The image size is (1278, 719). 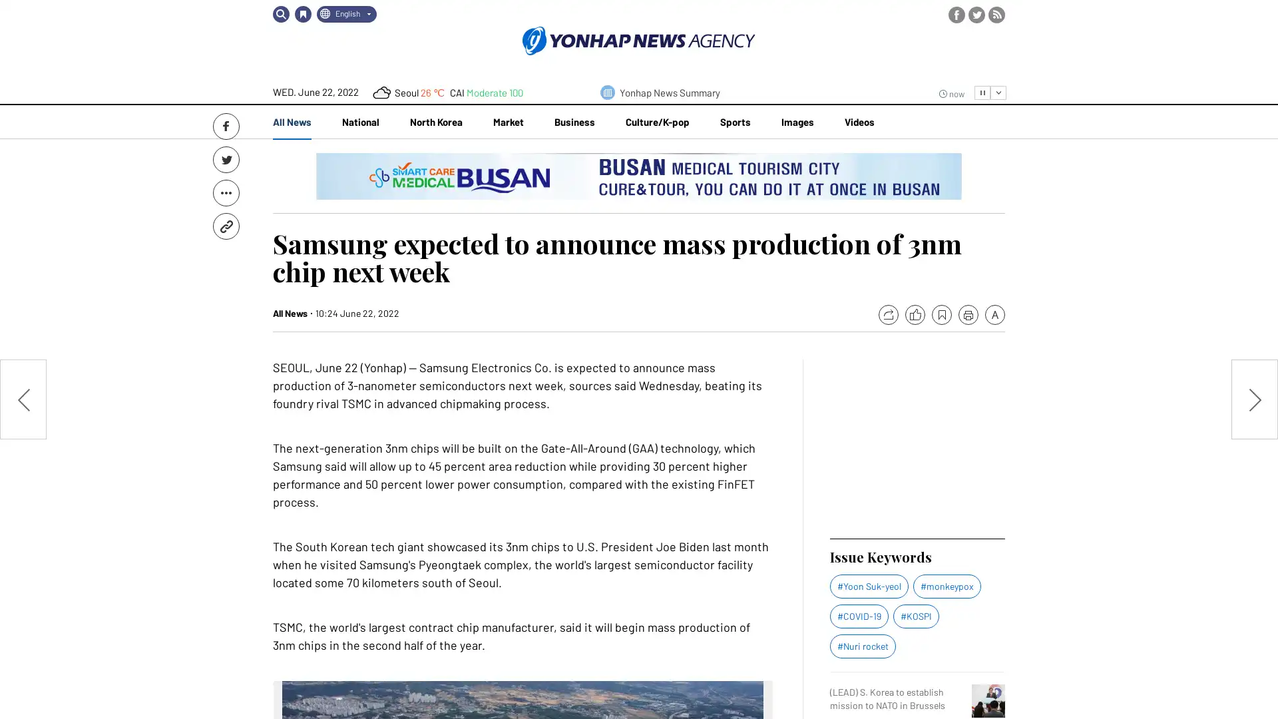 I want to click on Facebook, so click(x=226, y=126).